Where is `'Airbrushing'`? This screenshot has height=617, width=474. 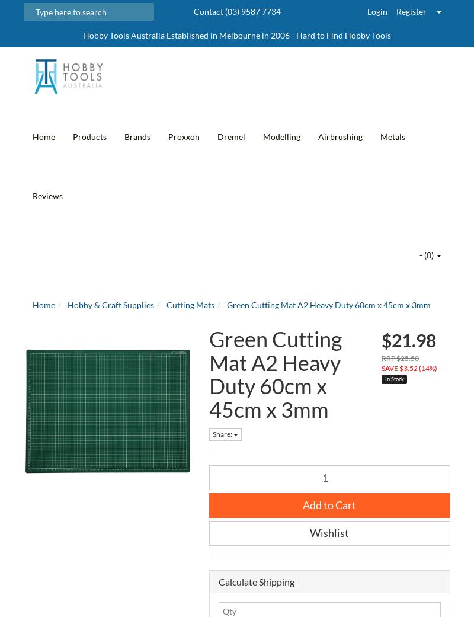
'Airbrushing' is located at coordinates (340, 136).